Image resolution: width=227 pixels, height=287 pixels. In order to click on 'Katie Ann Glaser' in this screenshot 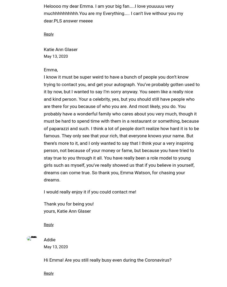, I will do `click(61, 49)`.